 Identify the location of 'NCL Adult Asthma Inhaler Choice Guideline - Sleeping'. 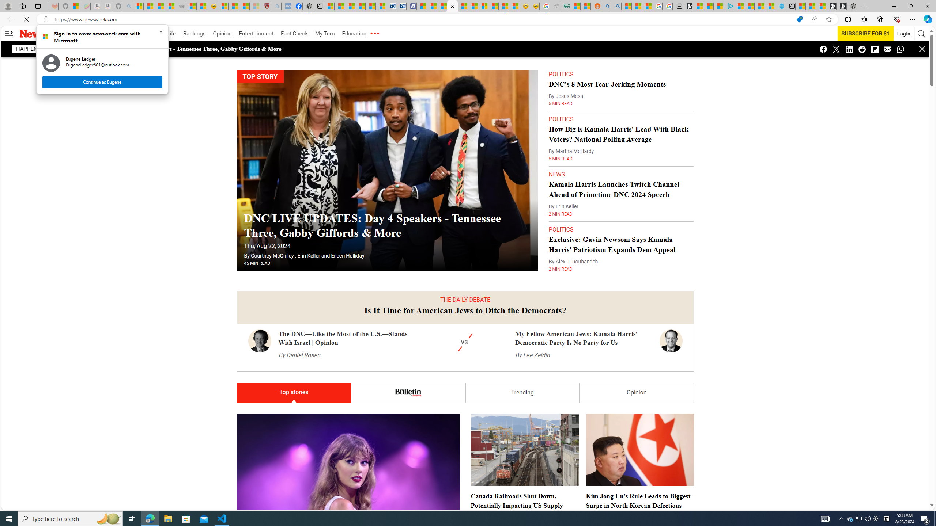
(286, 6).